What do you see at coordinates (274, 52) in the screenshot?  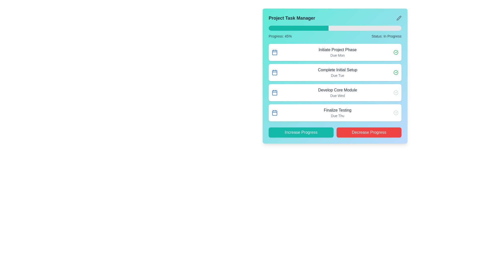 I see `the calendar icon located at the top left corner of the first task card labeled 'Initiate Project Phase' which indicates a time-sensitive task` at bounding box center [274, 52].